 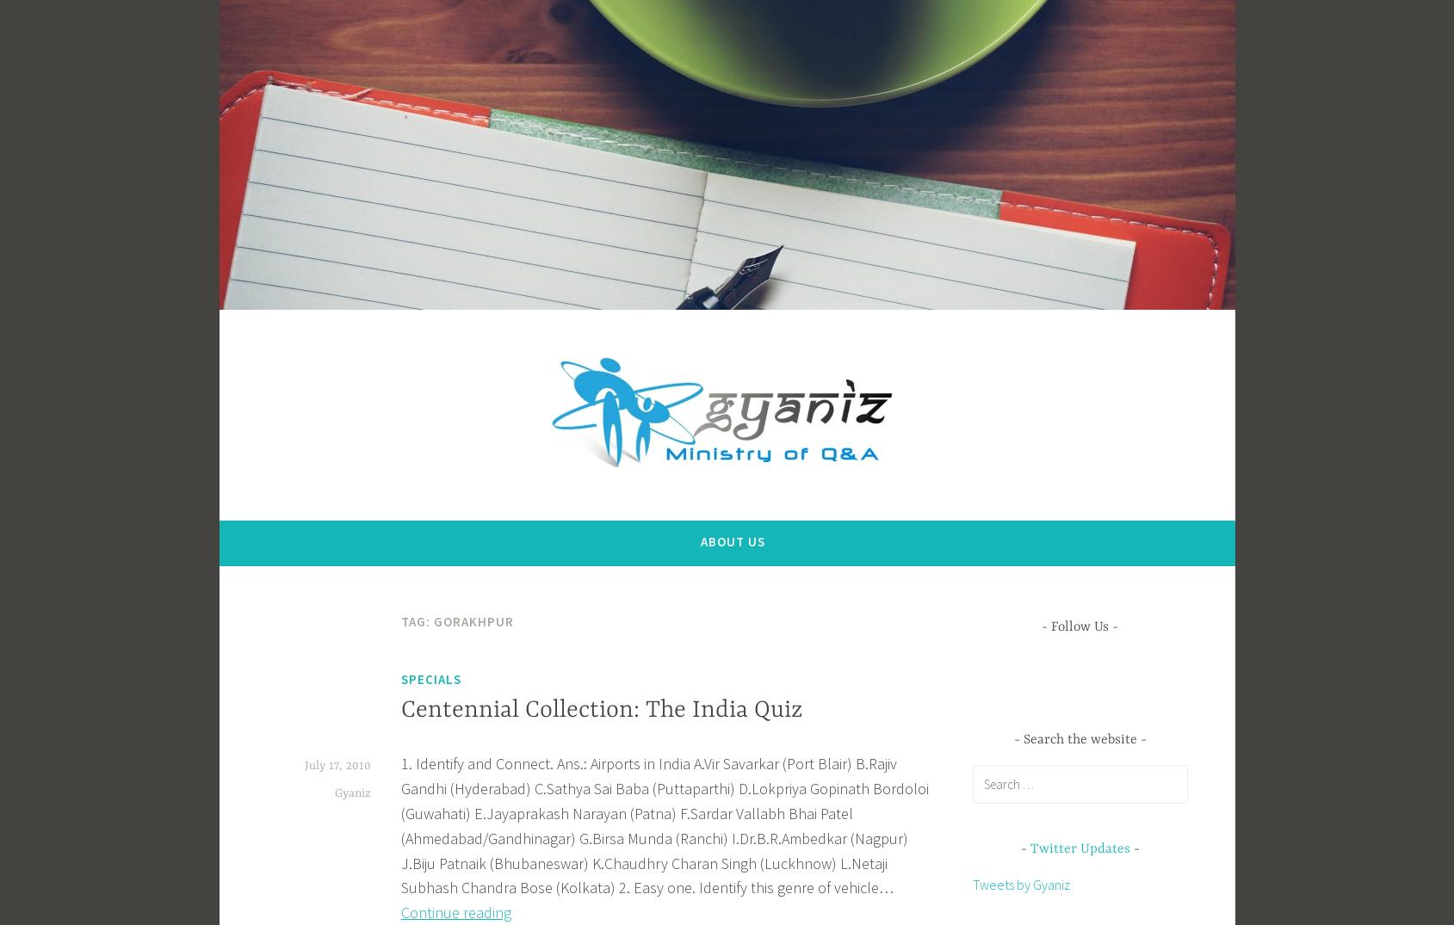 I want to click on 'Answers that Increase Knowledge', so click(x=378, y=495).